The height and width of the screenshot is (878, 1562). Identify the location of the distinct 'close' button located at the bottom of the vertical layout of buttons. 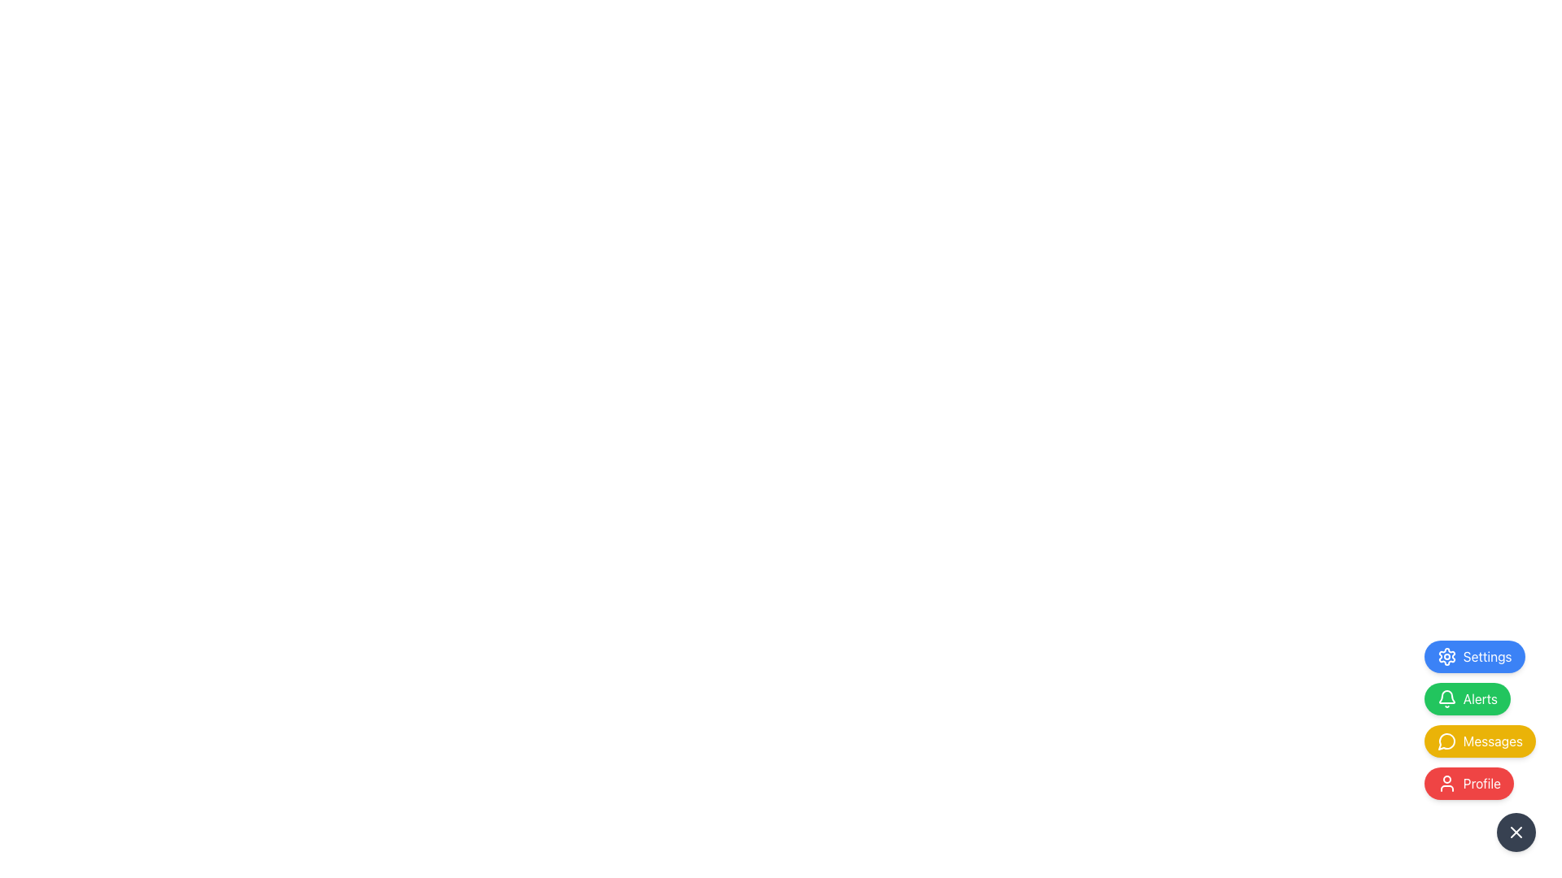
(1515, 832).